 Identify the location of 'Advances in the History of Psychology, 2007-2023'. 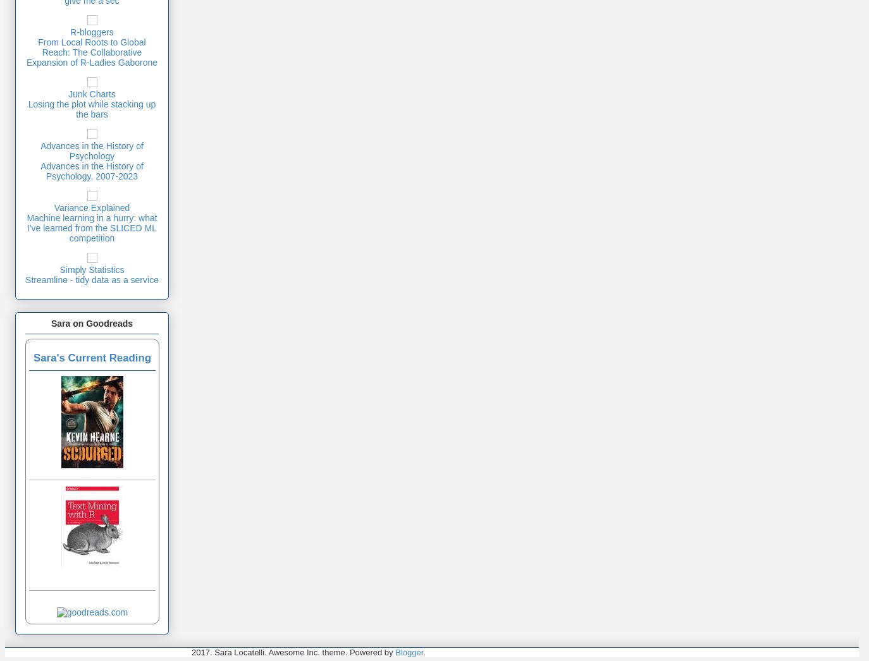
(40, 171).